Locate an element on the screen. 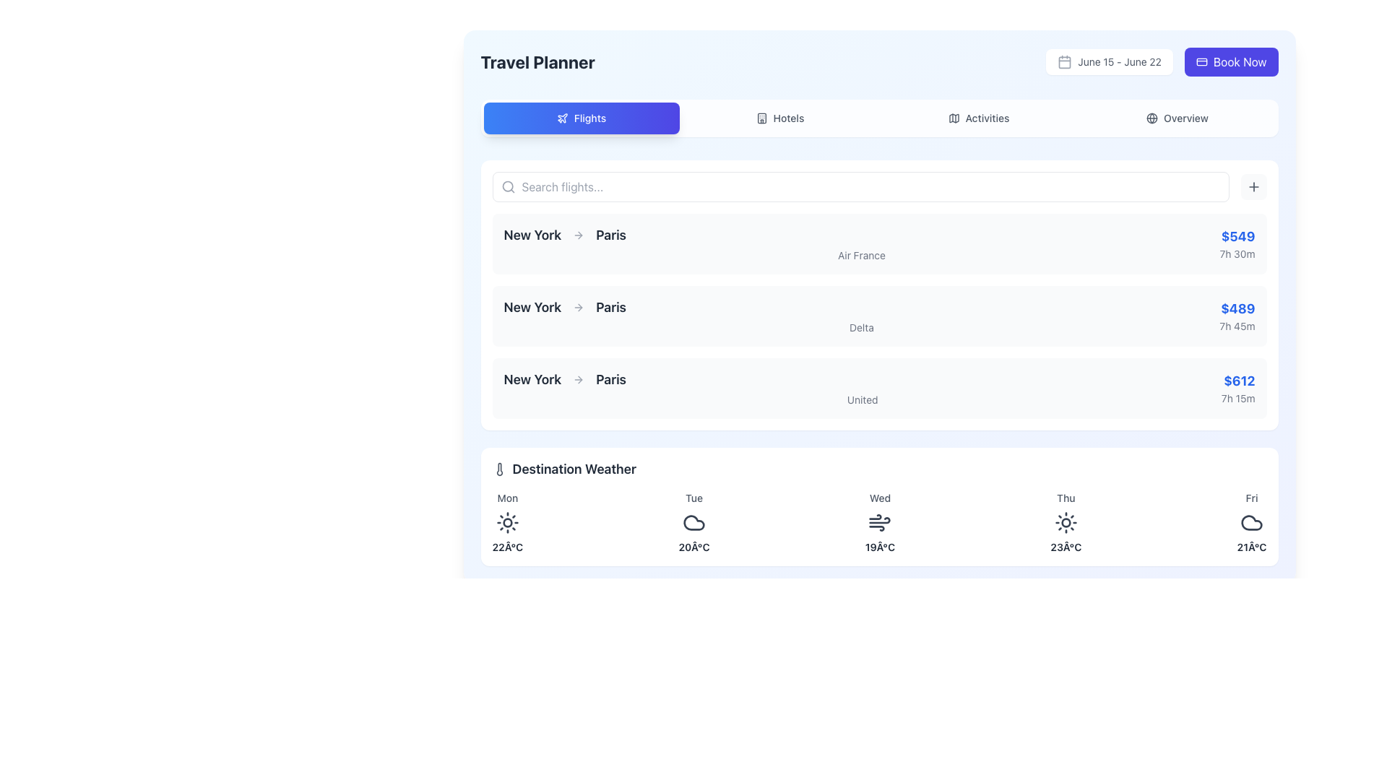  the weather summary displayed in the weather section, which includes short labels for each day, weather icons, and temperatures, located below the flight information box is located at coordinates (878, 523).